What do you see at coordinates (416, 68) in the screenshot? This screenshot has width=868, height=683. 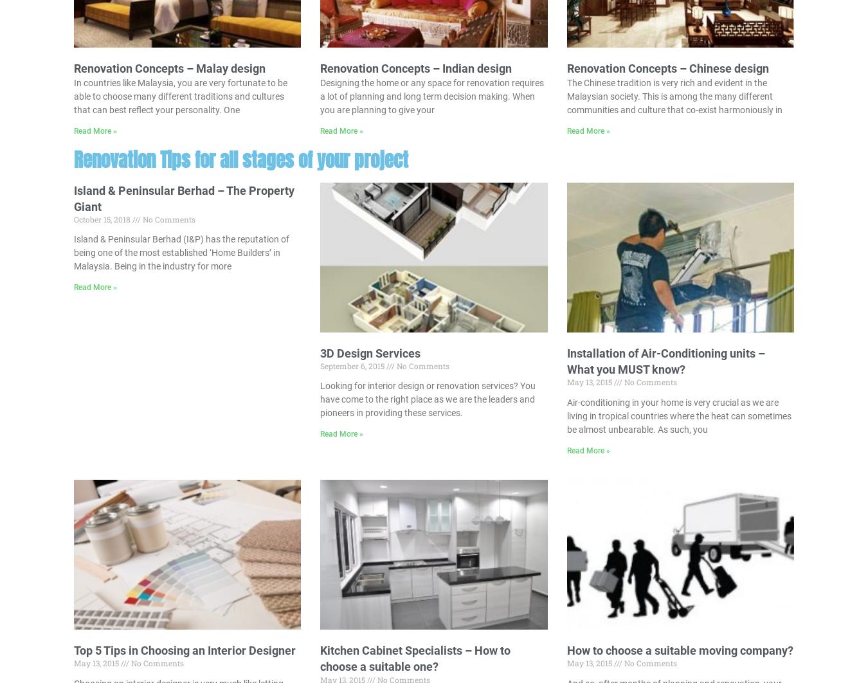 I see `'Renovation Concepts – Indian design'` at bounding box center [416, 68].